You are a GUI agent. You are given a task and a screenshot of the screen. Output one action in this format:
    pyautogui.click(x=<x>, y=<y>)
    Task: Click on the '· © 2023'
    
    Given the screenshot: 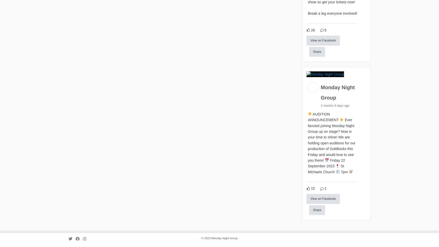 What is the action you would take?
    pyautogui.click(x=205, y=239)
    